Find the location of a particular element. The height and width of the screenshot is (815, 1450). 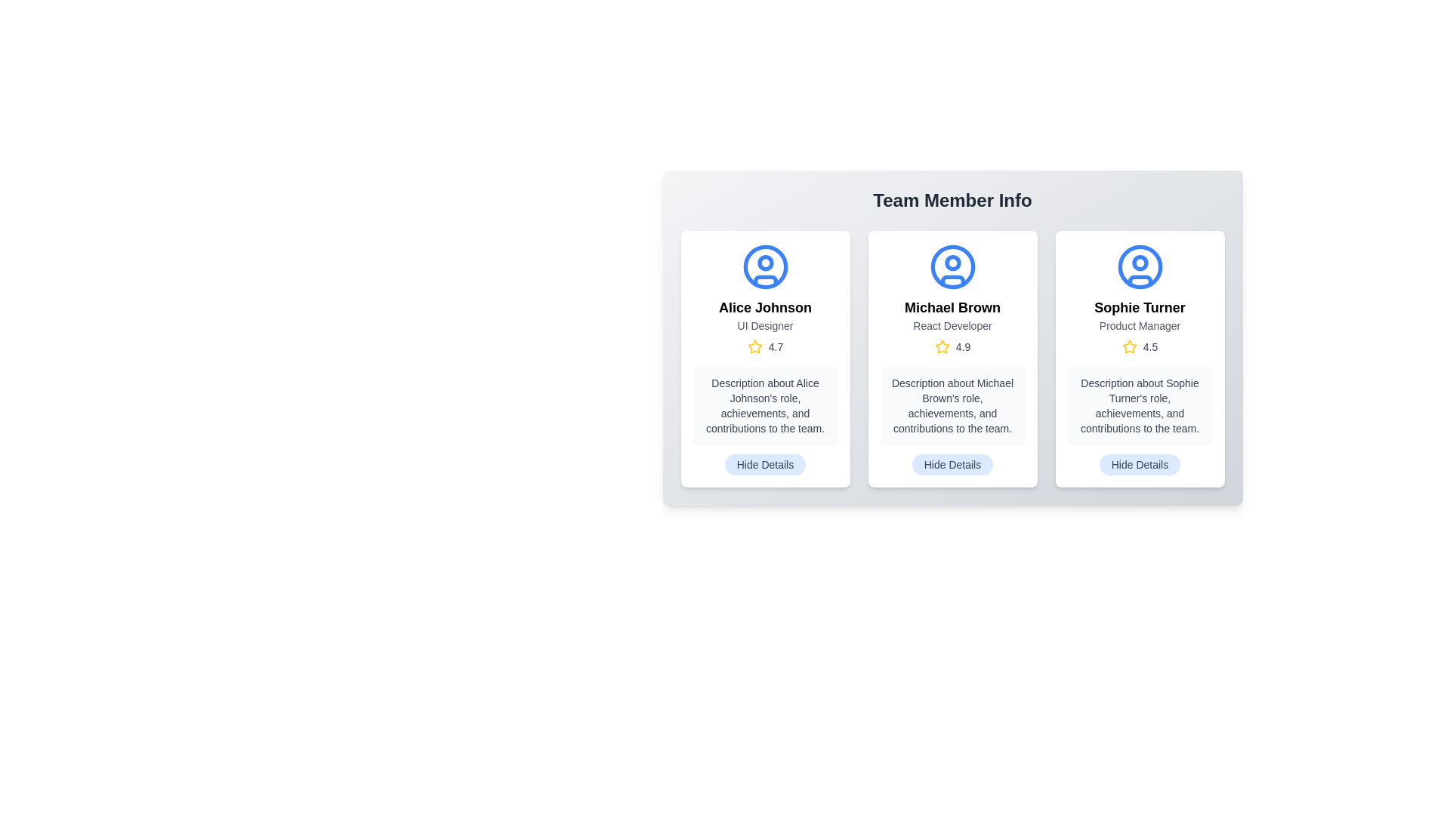

the 'Team Member Info' text label, which is styled in bold and prominently displayed at the top of the card-like structure, serving as the section title is located at coordinates (952, 200).